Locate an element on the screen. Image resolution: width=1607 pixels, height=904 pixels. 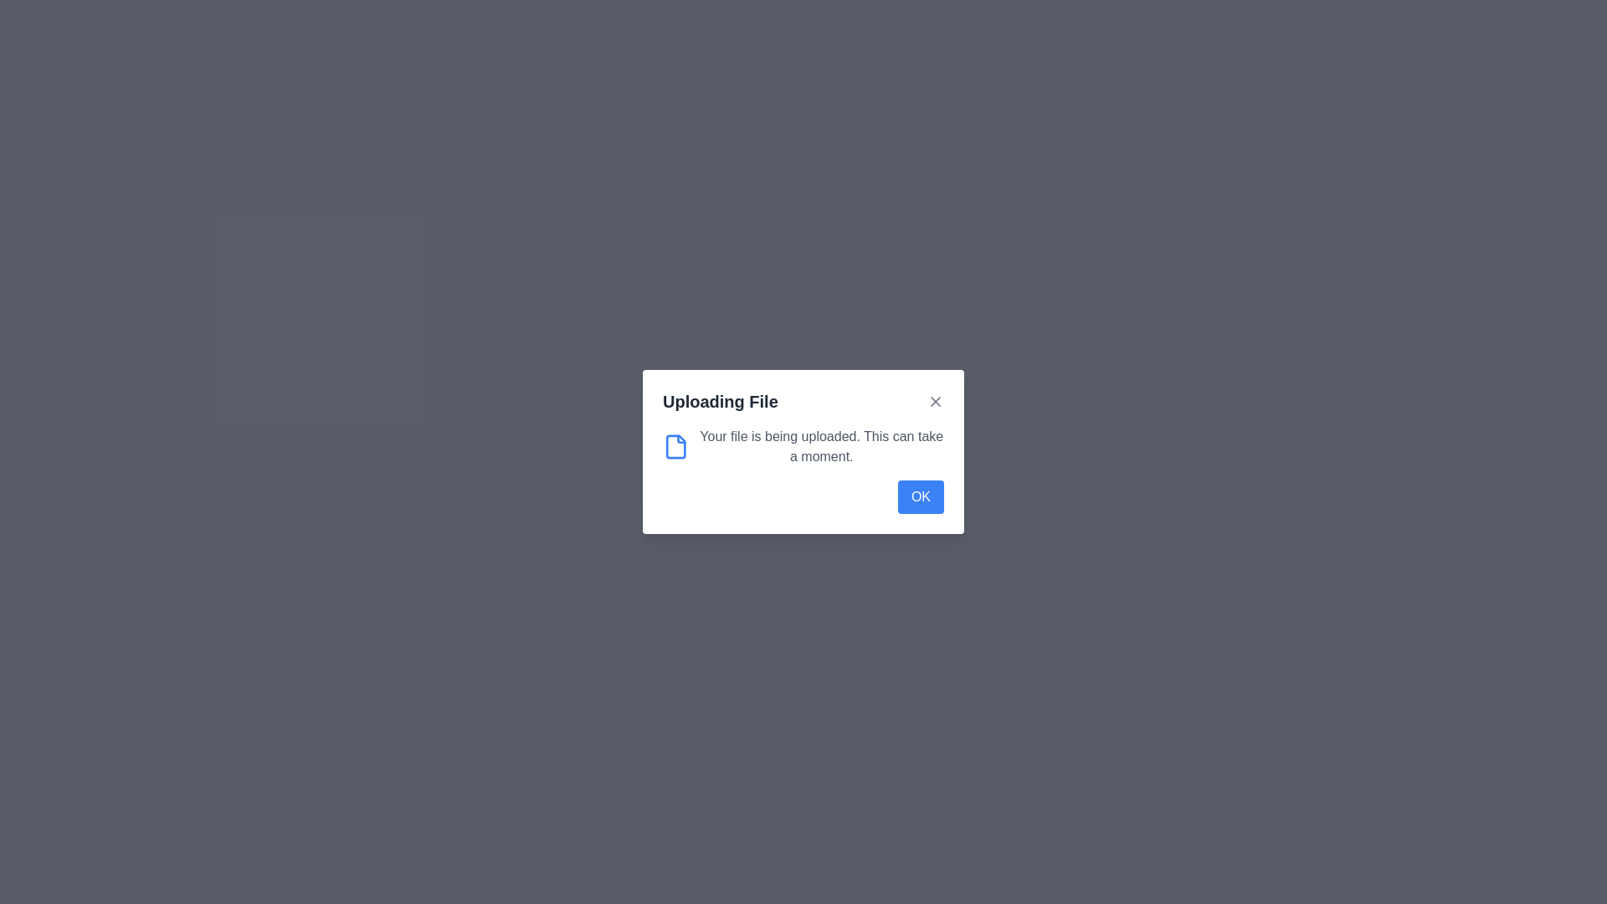
the 'OK' button with a blue background and rounded corners located at the bottom-right corner of the 'Uploading File' dialog to confirm is located at coordinates (920, 496).